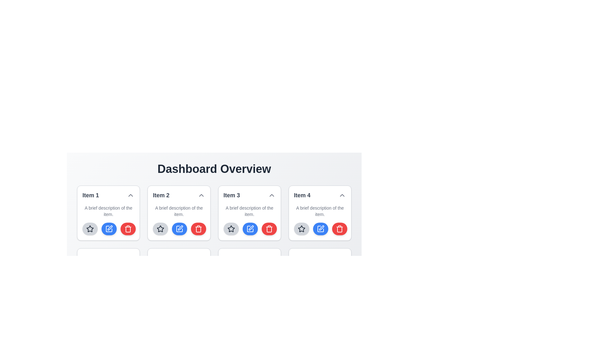  Describe the element at coordinates (321, 228) in the screenshot. I see `the SVG Icon embedded within the blue circular button located in the fourth item card of the 'Dashboard Overview' section` at that location.